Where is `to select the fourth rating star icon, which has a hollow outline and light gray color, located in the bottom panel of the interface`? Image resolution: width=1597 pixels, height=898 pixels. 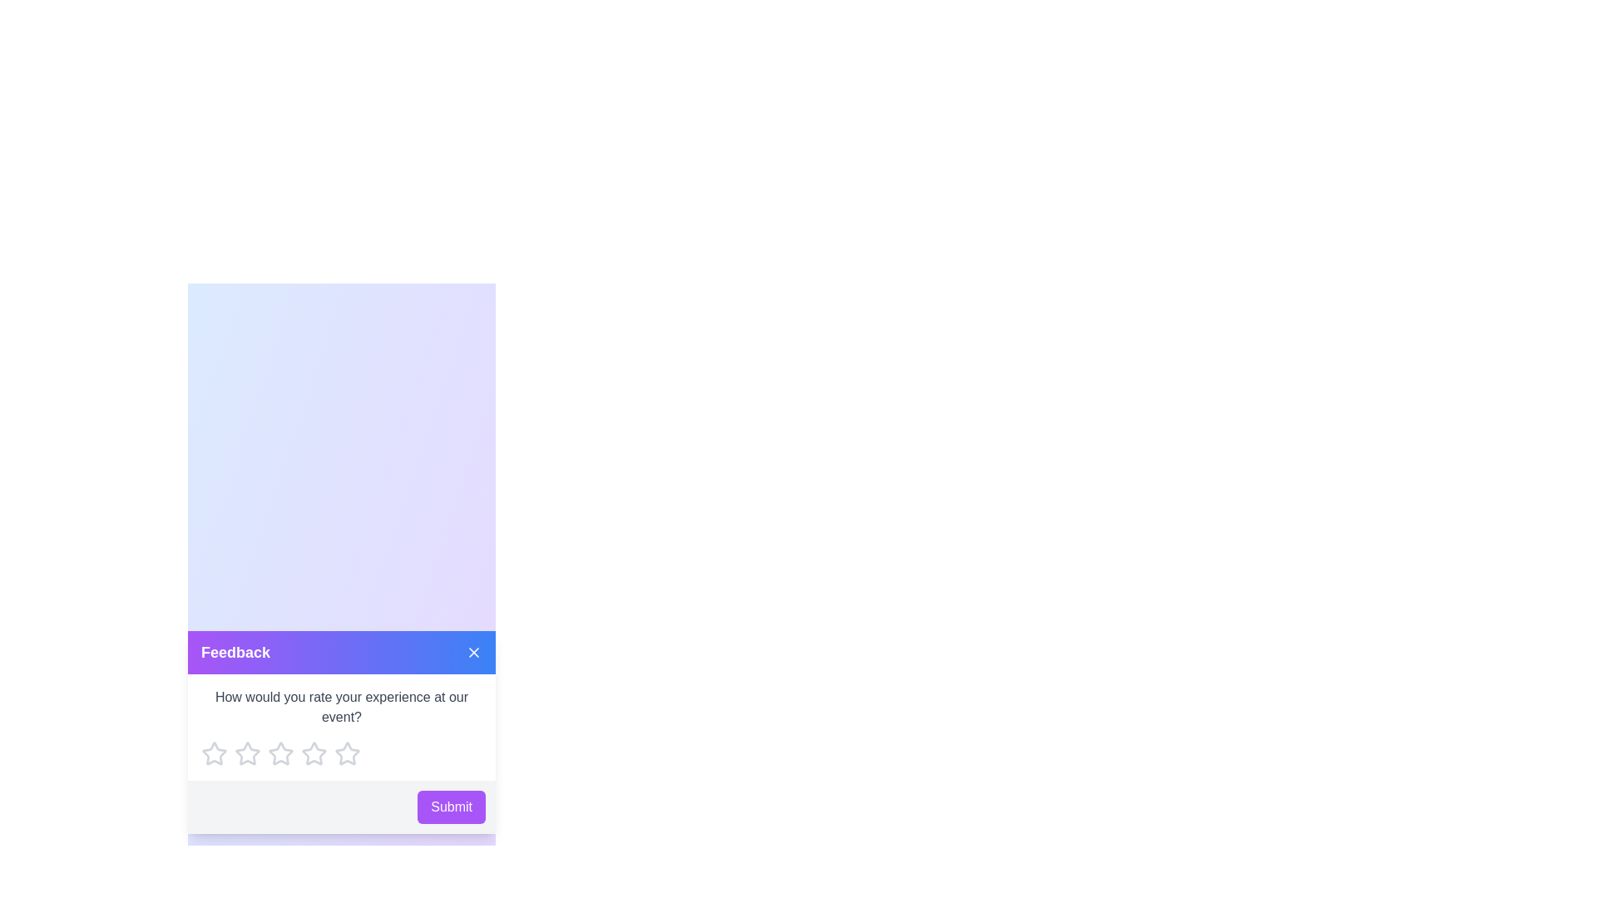 to select the fourth rating star icon, which has a hollow outline and light gray color, located in the bottom panel of the interface is located at coordinates (314, 753).